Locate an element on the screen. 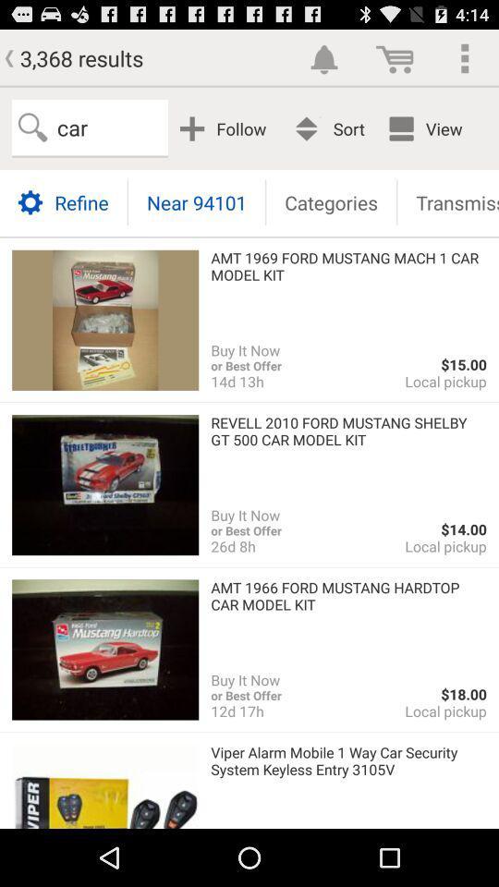 This screenshot has height=887, width=499. the transmission button is located at coordinates (447, 201).